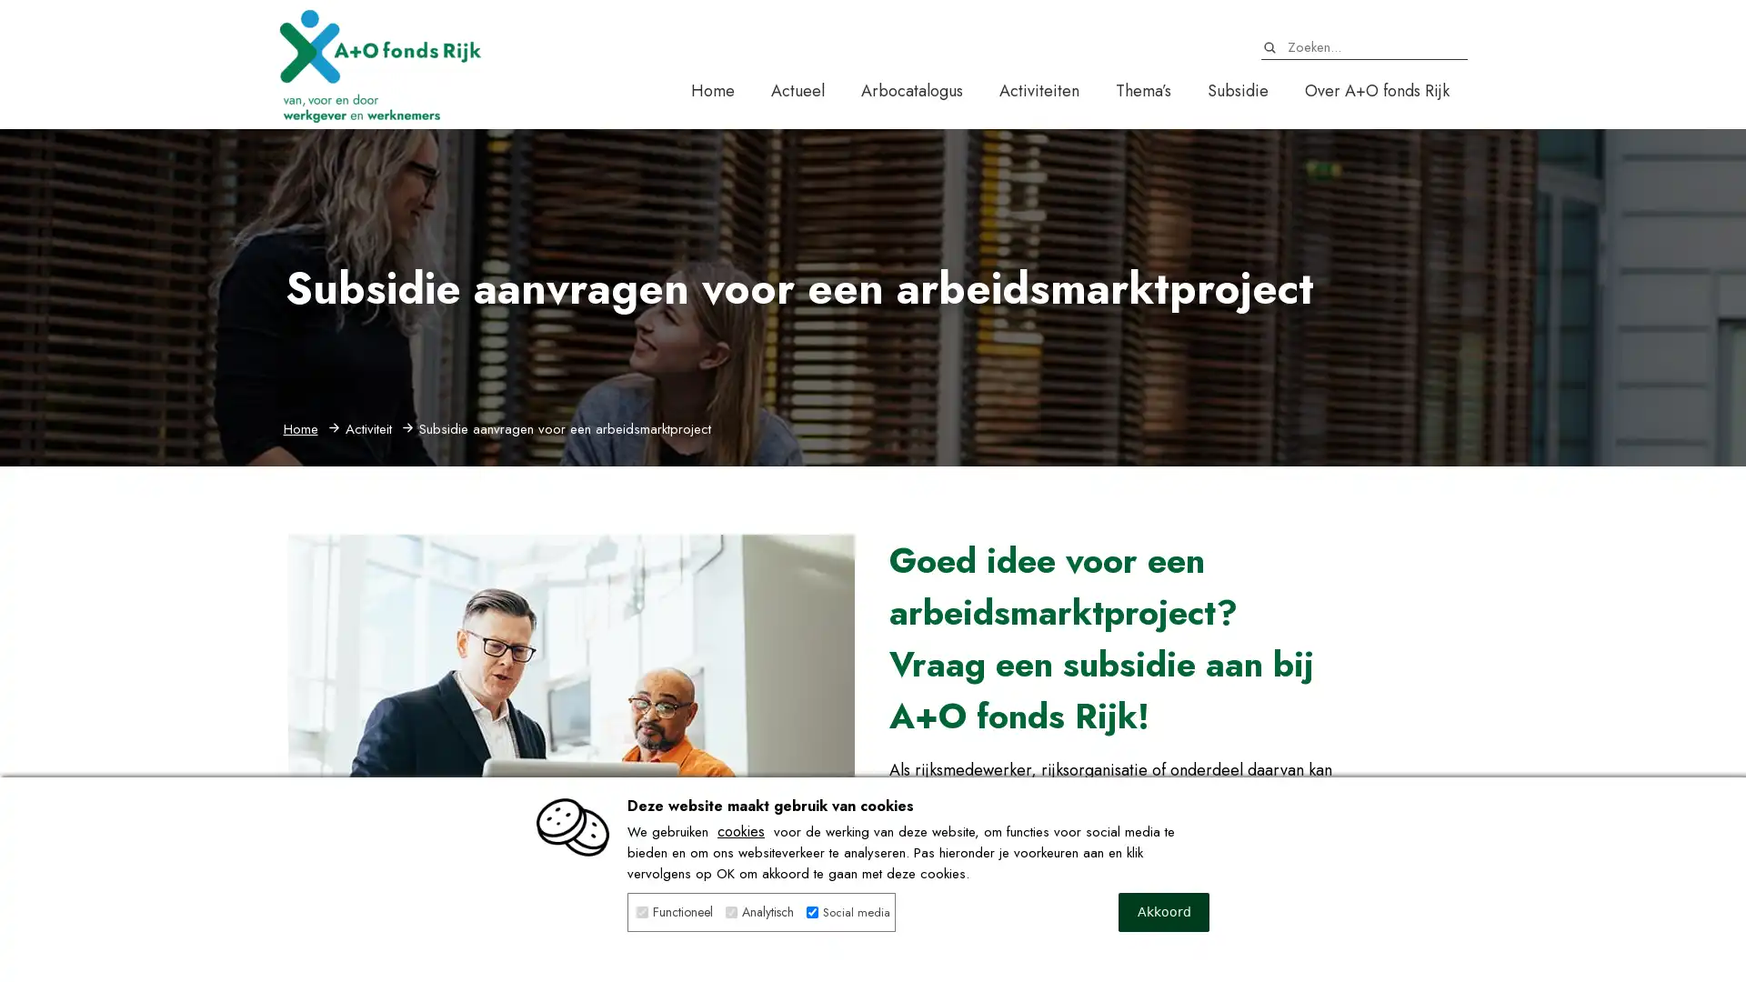 The image size is (1746, 982). I want to click on Akkoord, so click(1164, 912).